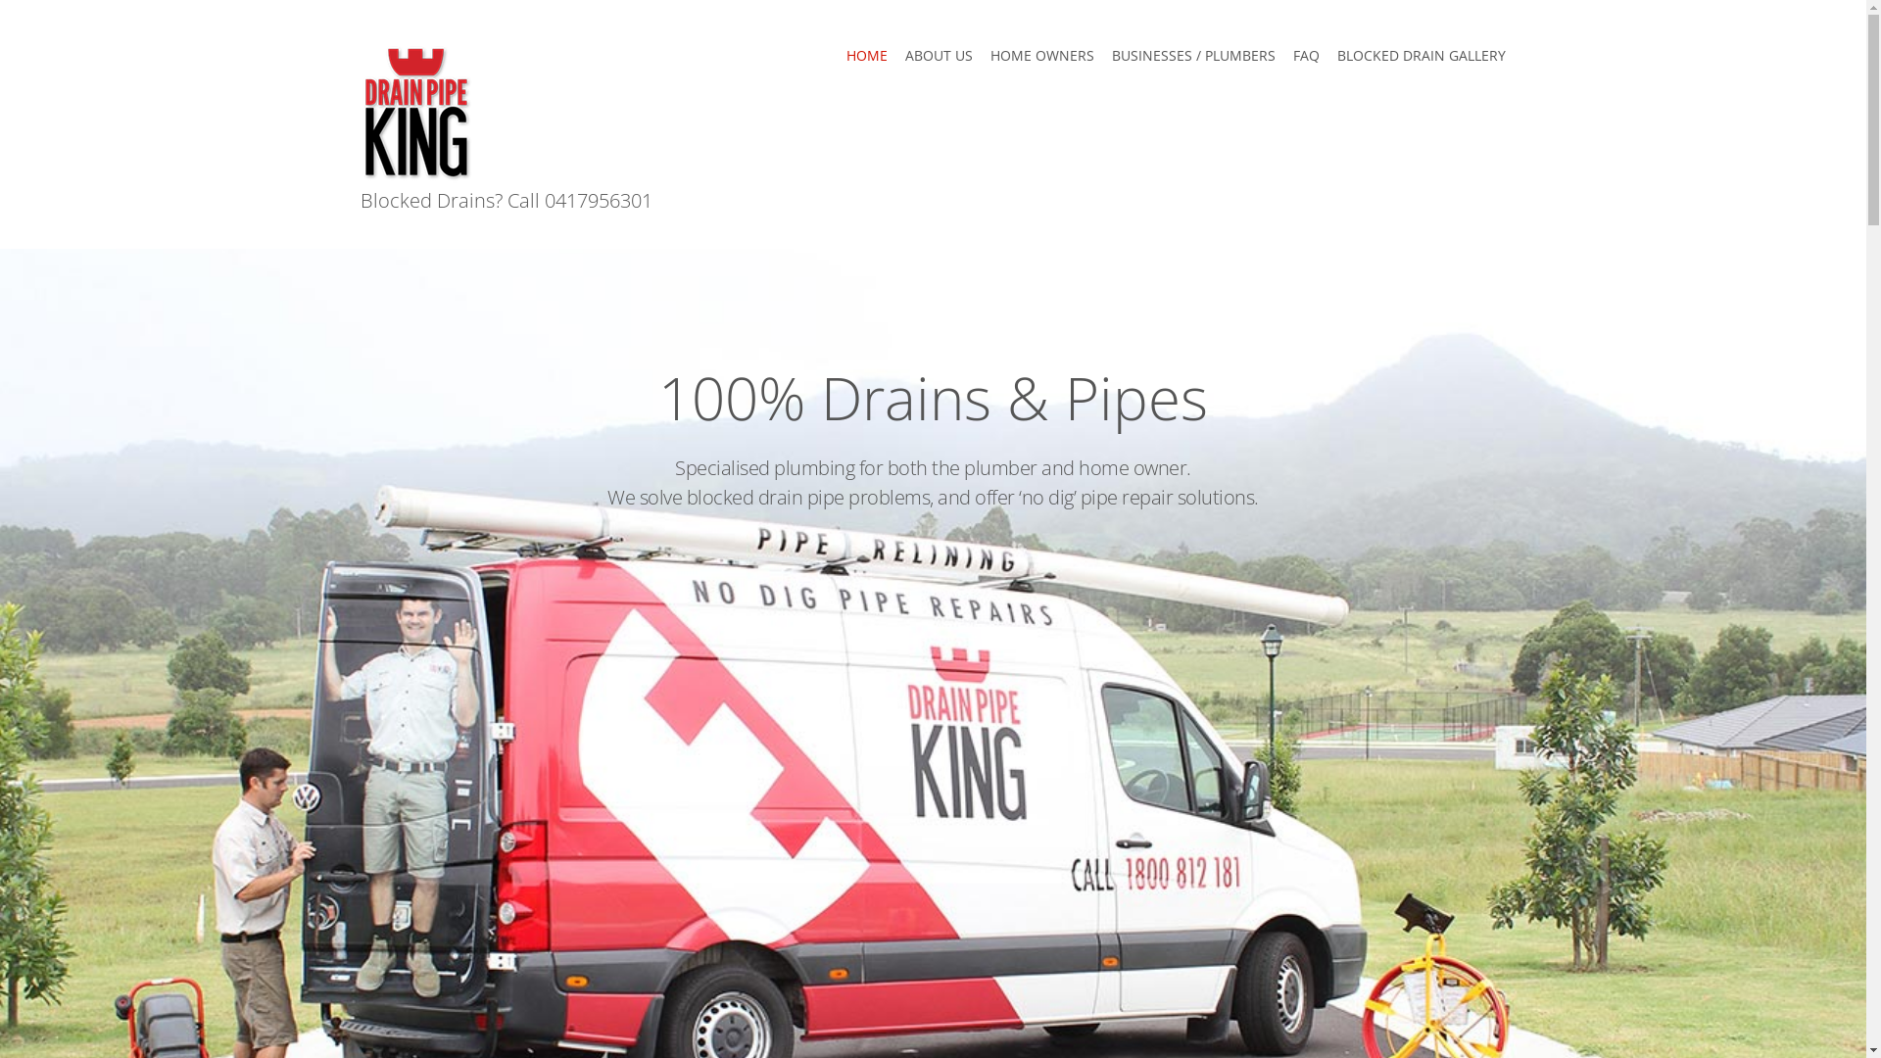 This screenshot has height=1058, width=1881. What do you see at coordinates (1041, 55) in the screenshot?
I see `'HOME OWNERS'` at bounding box center [1041, 55].